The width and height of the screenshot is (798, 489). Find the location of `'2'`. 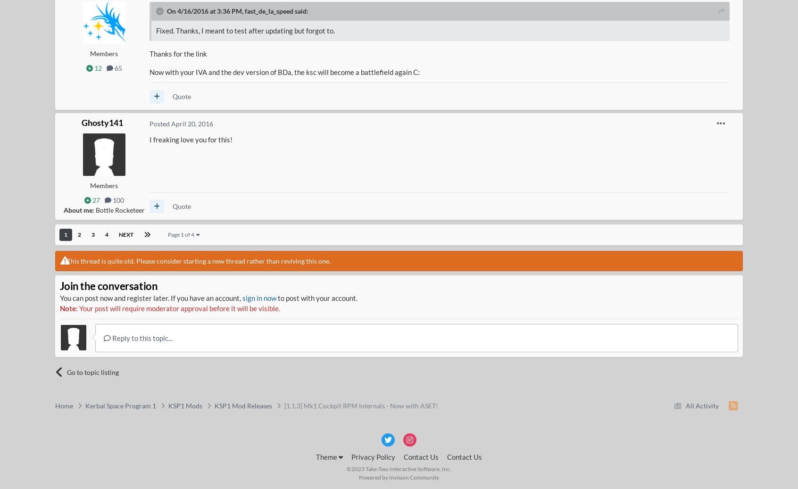

'2' is located at coordinates (78, 234).